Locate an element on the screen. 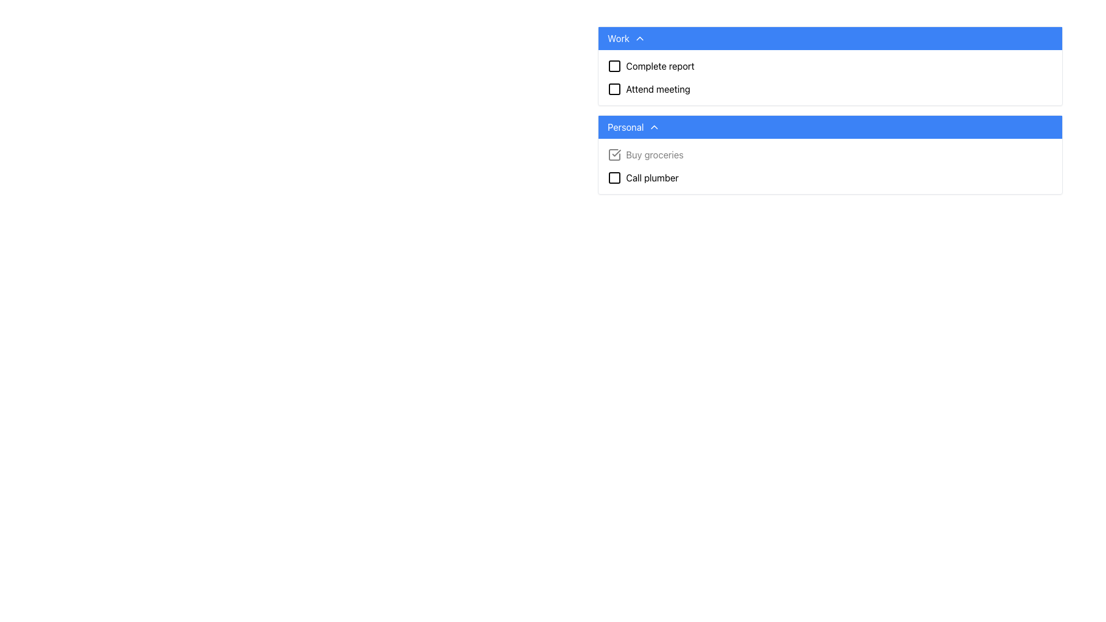  the checkbox to the left of the text 'Call plumber' is located at coordinates (613, 177).